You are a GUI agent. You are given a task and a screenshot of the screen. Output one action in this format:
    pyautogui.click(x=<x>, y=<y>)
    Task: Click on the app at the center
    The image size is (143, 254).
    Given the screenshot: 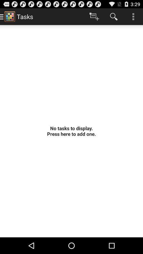 What is the action you would take?
    pyautogui.click(x=71, y=131)
    